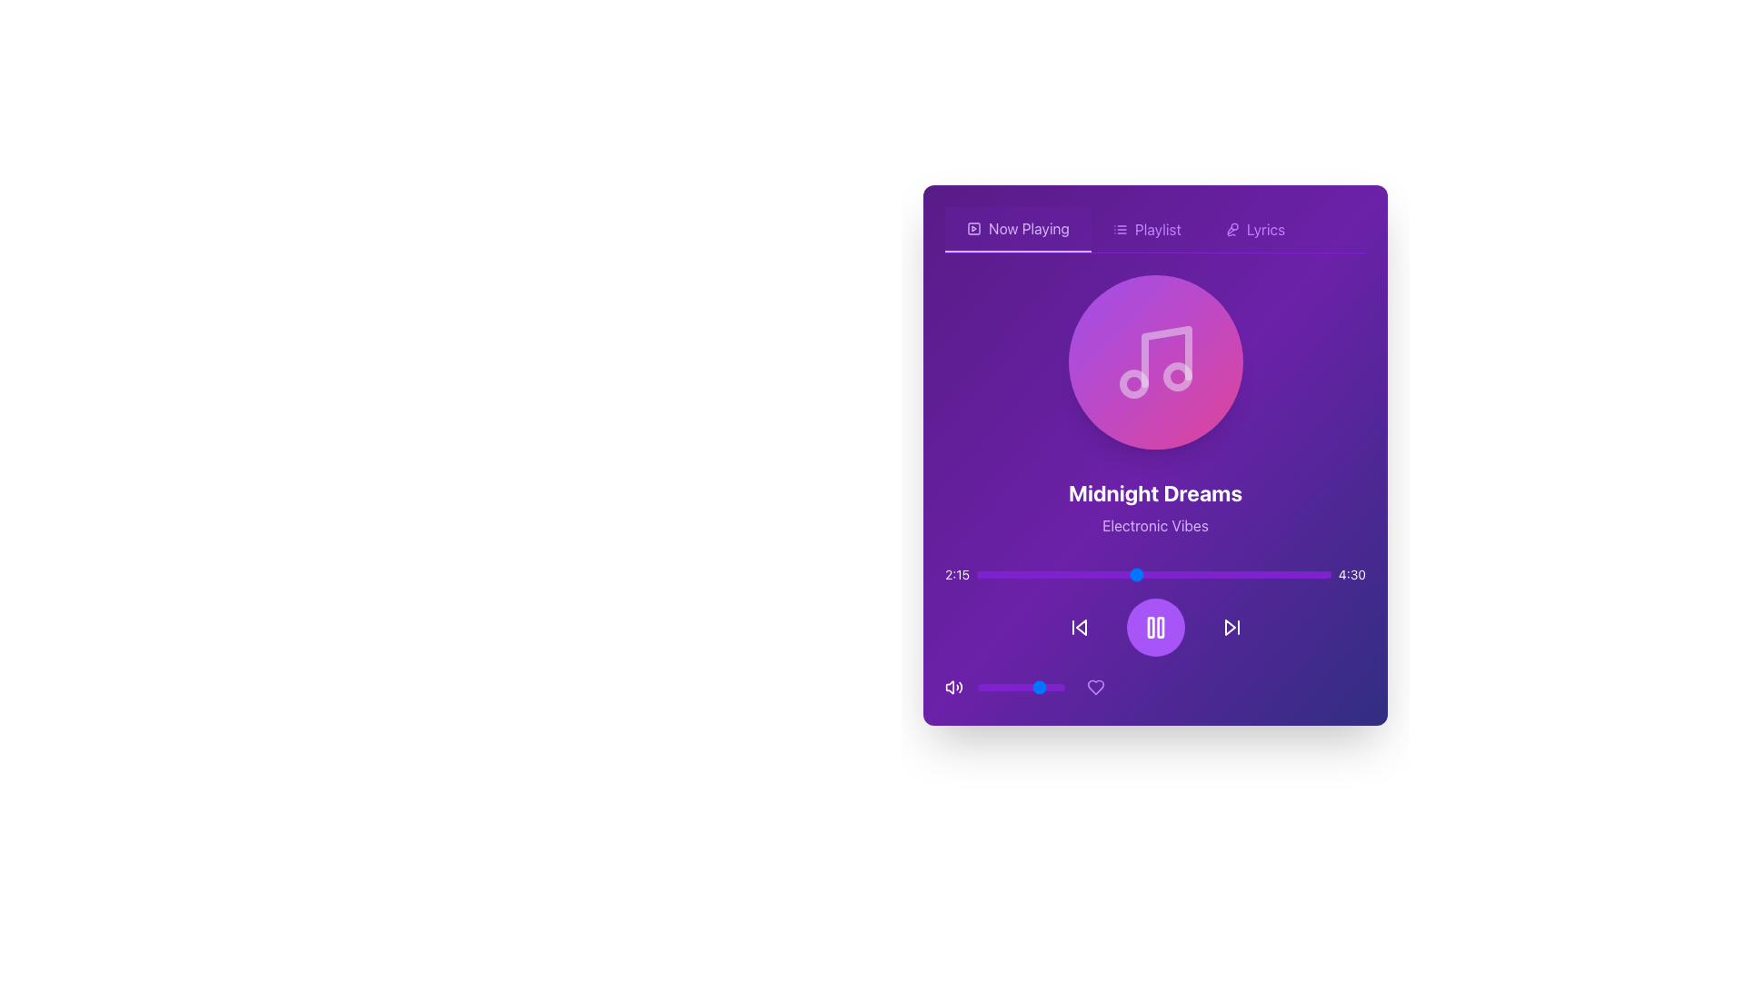 The width and height of the screenshot is (1745, 981). Describe the element at coordinates (1094, 687) in the screenshot. I see `the heart-shaped icon with a purple stroke located within the playback controls section to favorite the track` at that location.